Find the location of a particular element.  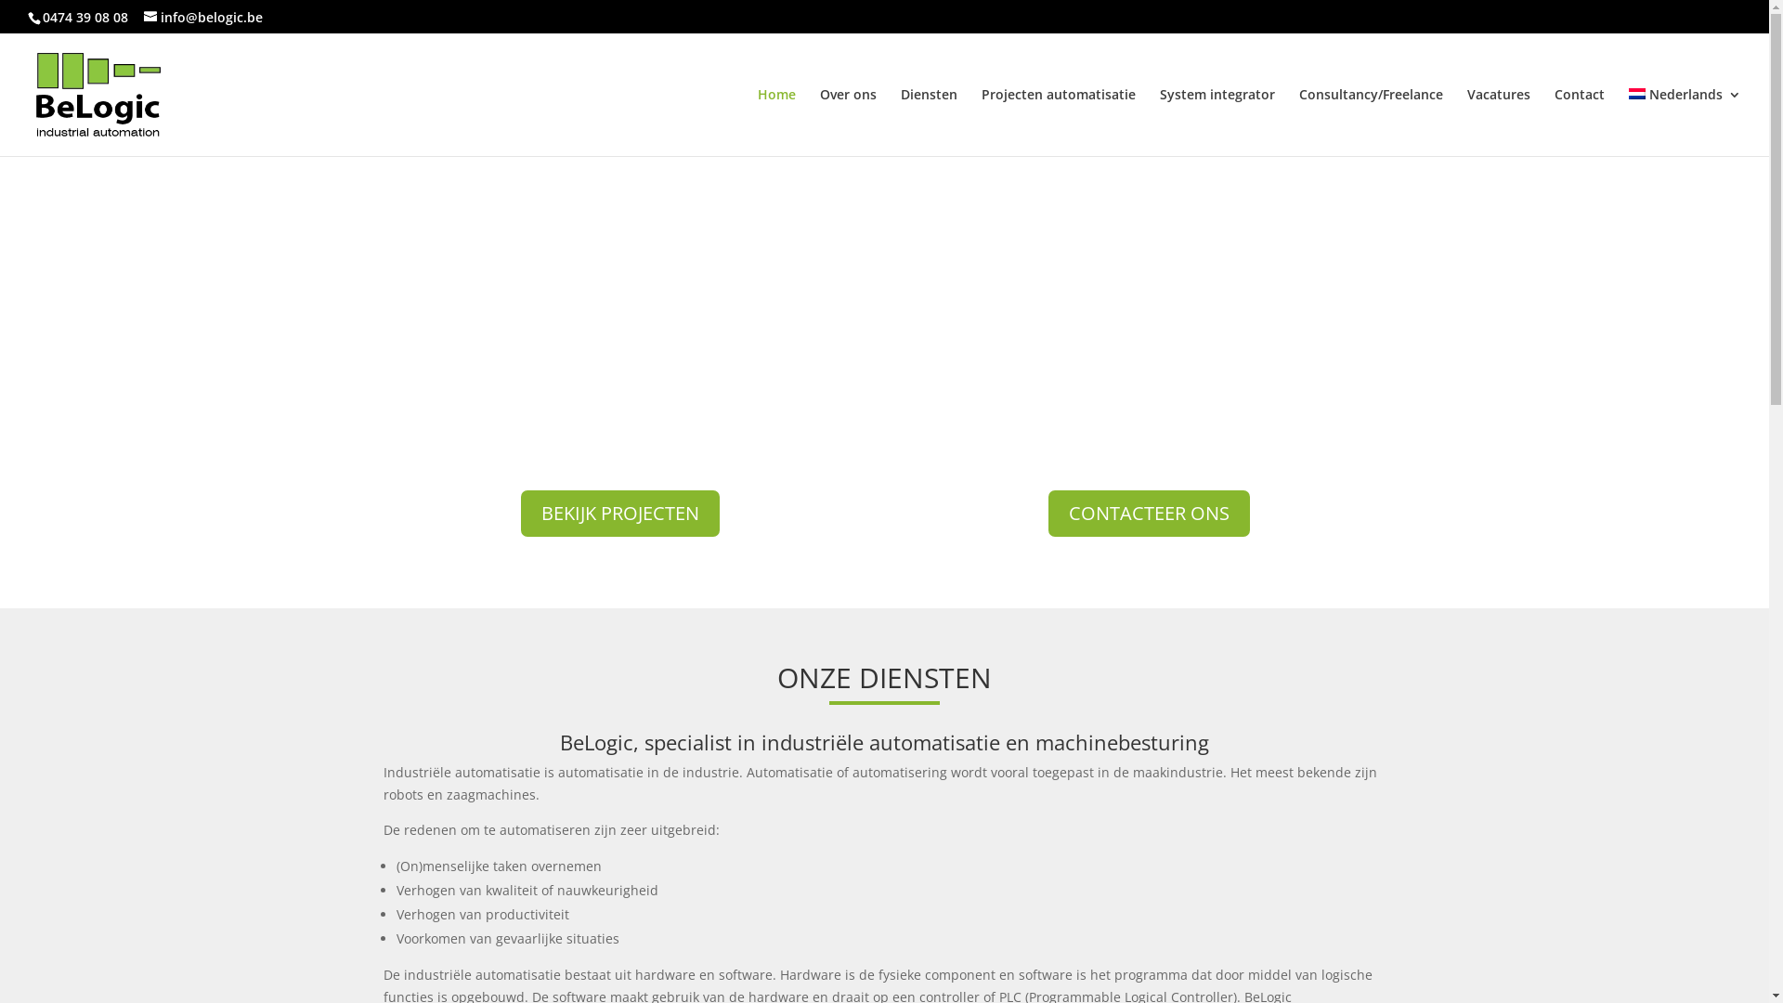

'Diensten' is located at coordinates (929, 122).